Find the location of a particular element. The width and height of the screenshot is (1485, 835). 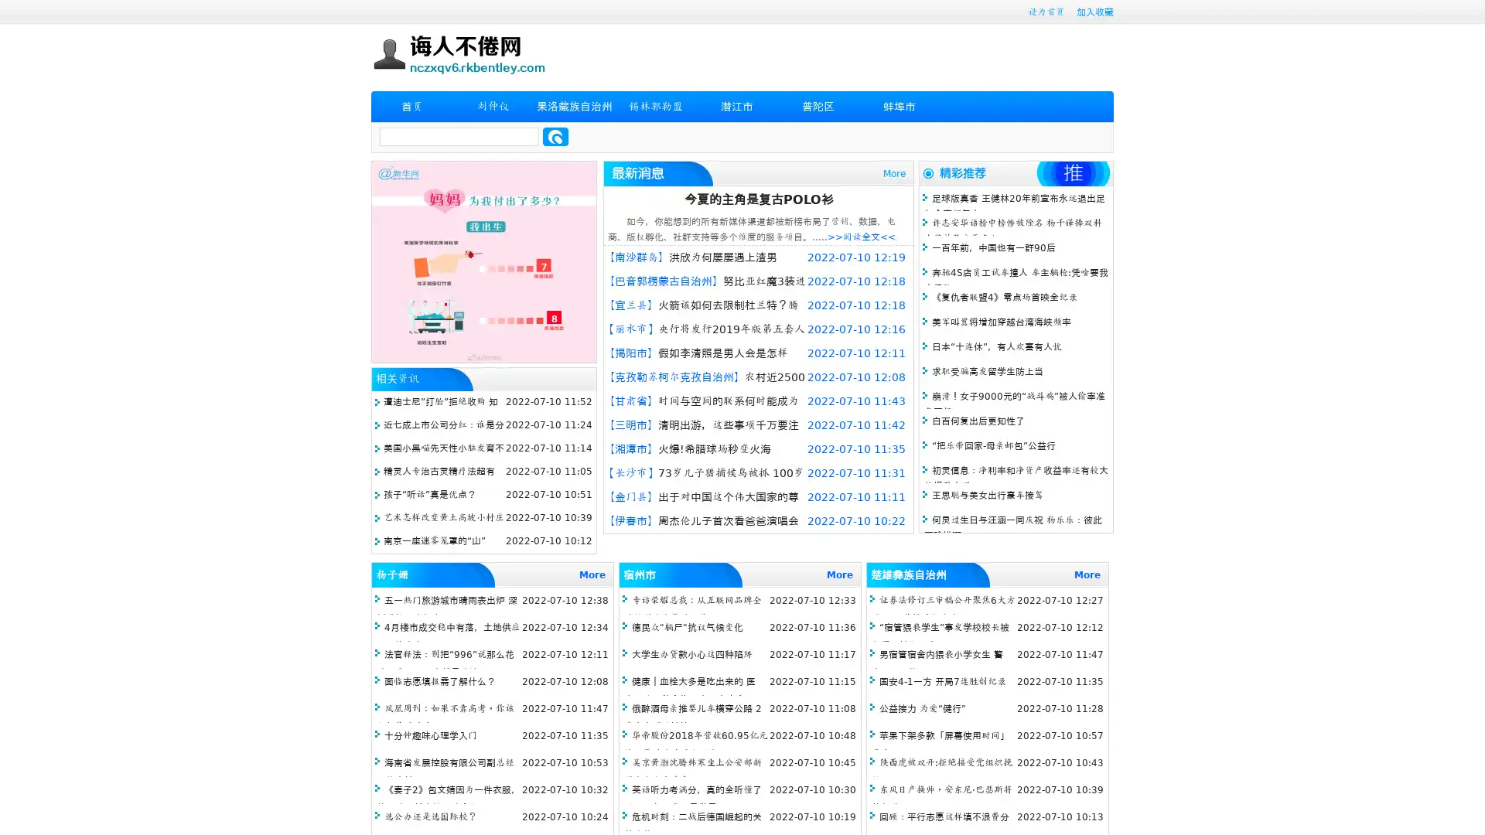

Search is located at coordinates (555, 136).